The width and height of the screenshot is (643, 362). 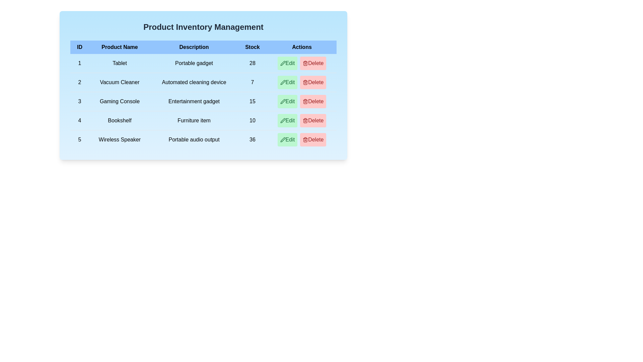 I want to click on the 'ID' header label, which is the first element in the horizontal header row of the table, so click(x=79, y=47).